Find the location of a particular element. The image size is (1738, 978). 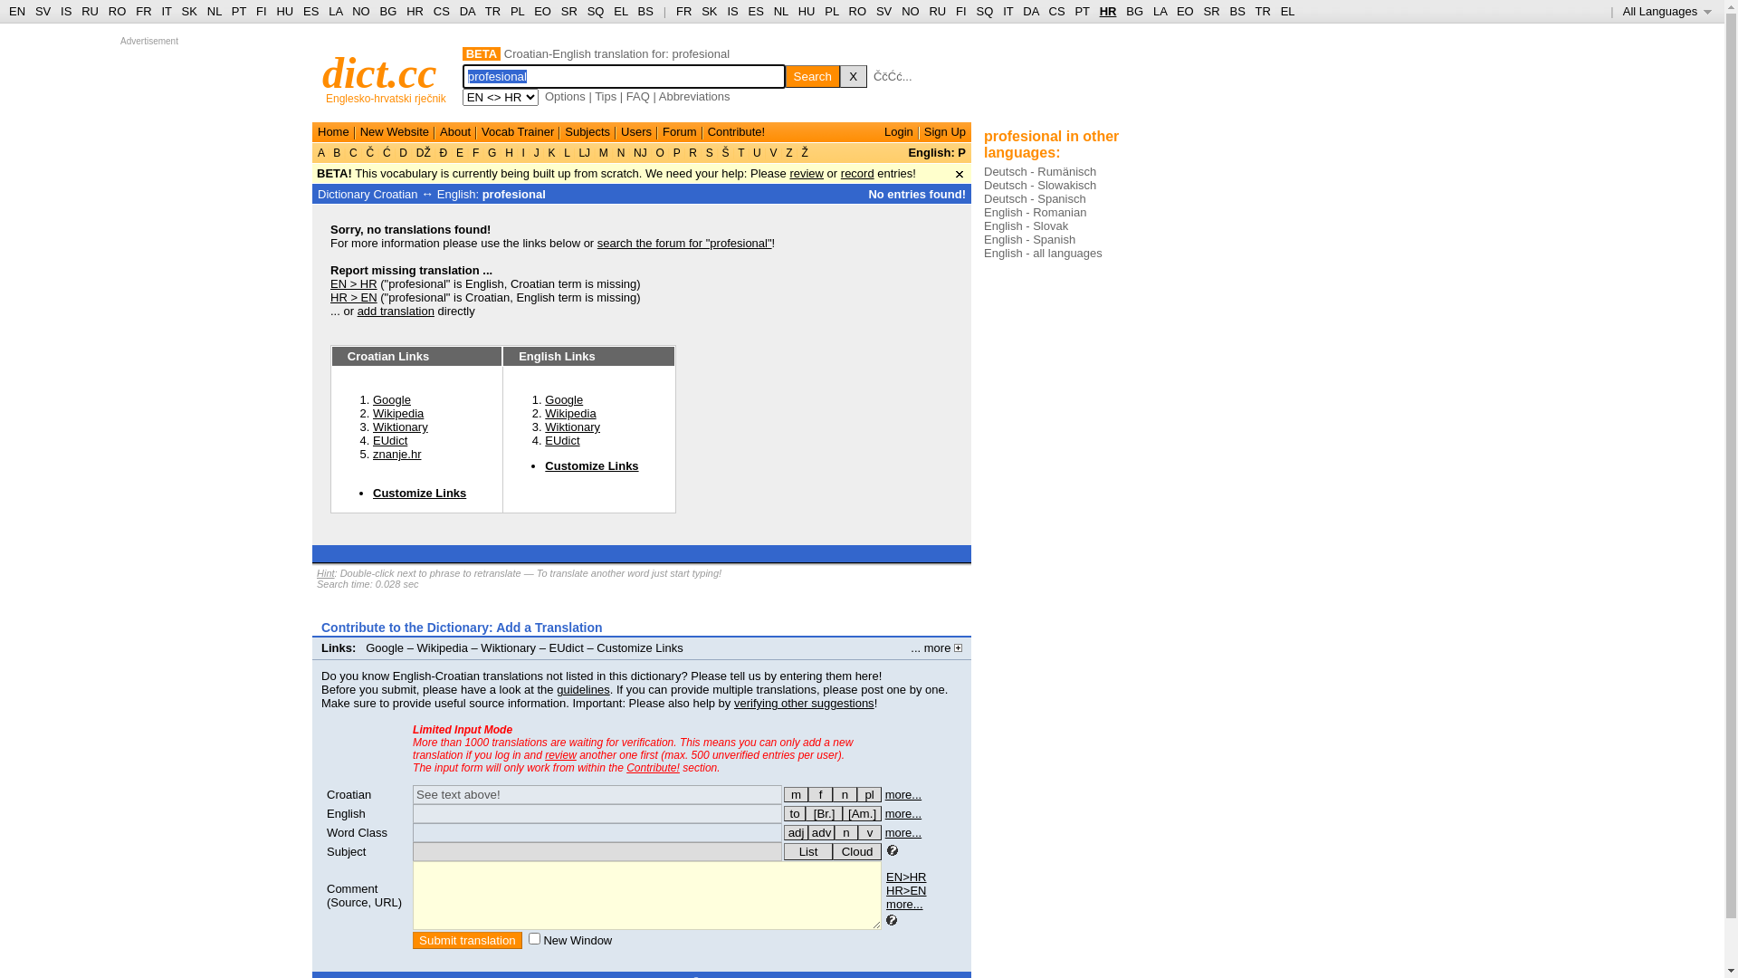

'Search' is located at coordinates (811, 75).